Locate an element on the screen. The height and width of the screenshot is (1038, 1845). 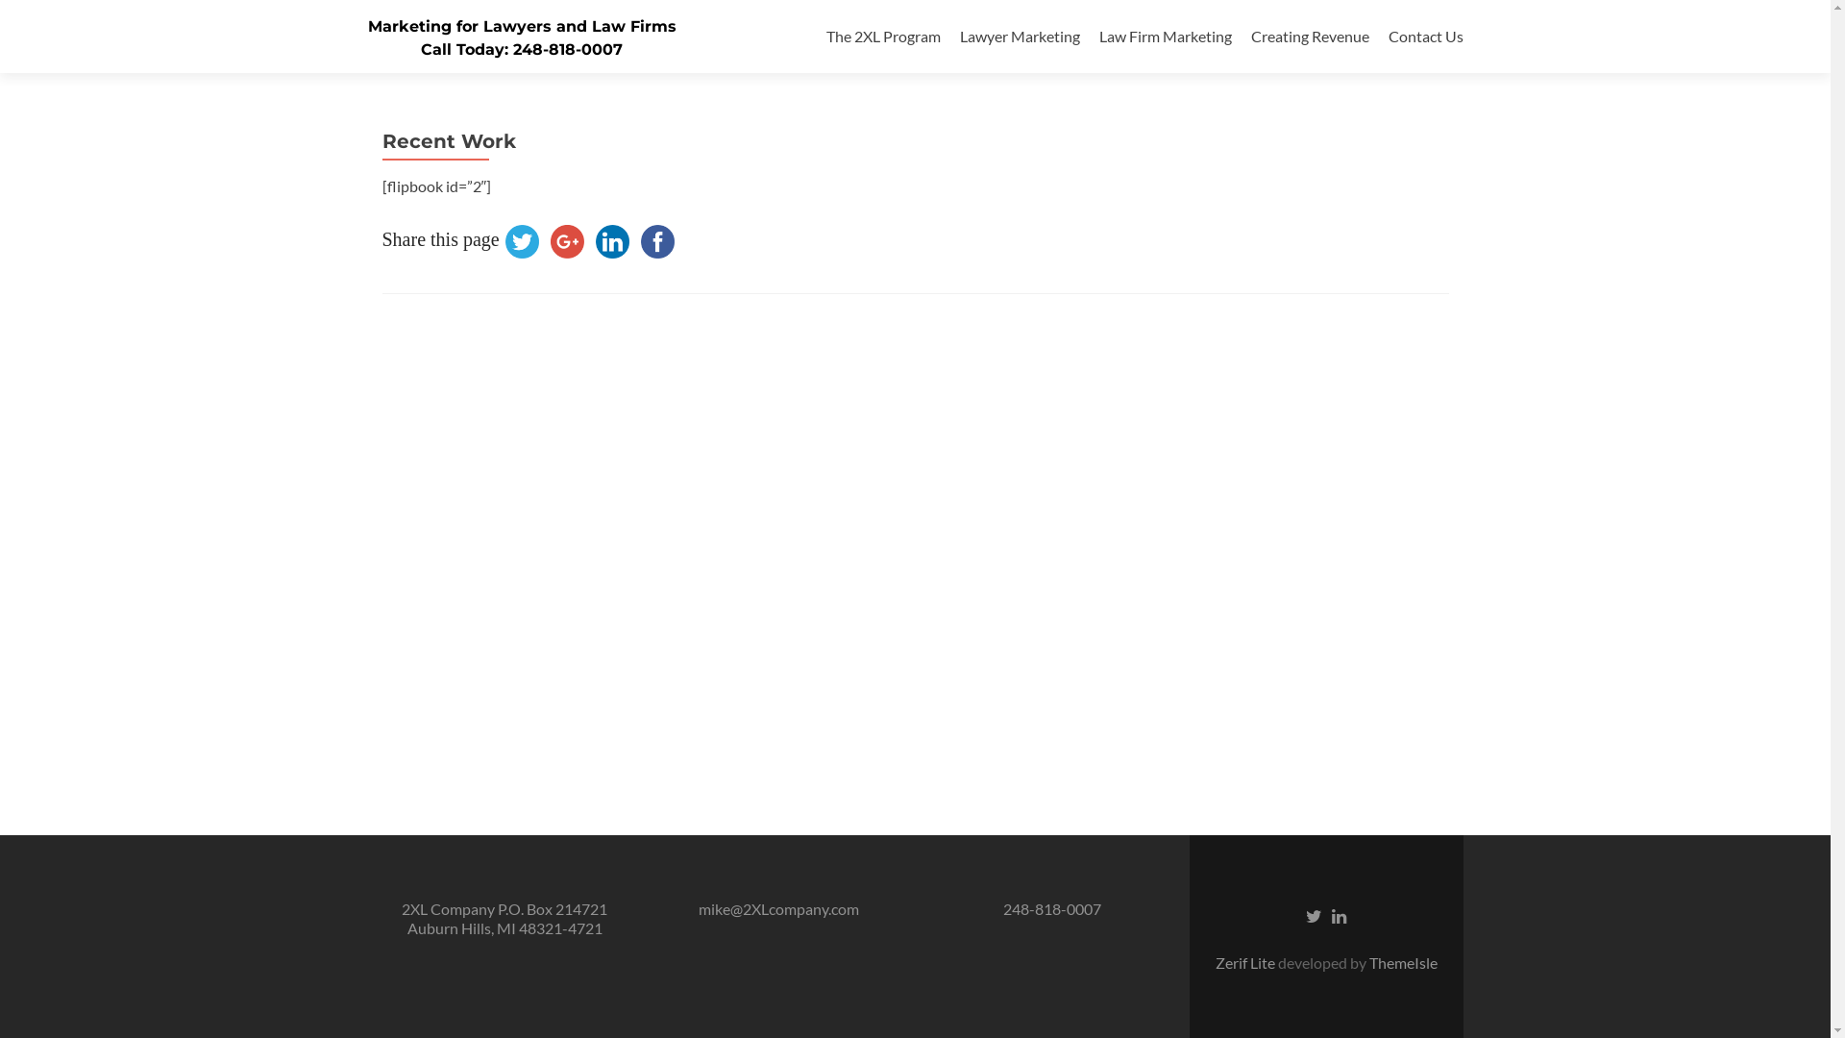
'Creating Revenue' is located at coordinates (1250, 36).